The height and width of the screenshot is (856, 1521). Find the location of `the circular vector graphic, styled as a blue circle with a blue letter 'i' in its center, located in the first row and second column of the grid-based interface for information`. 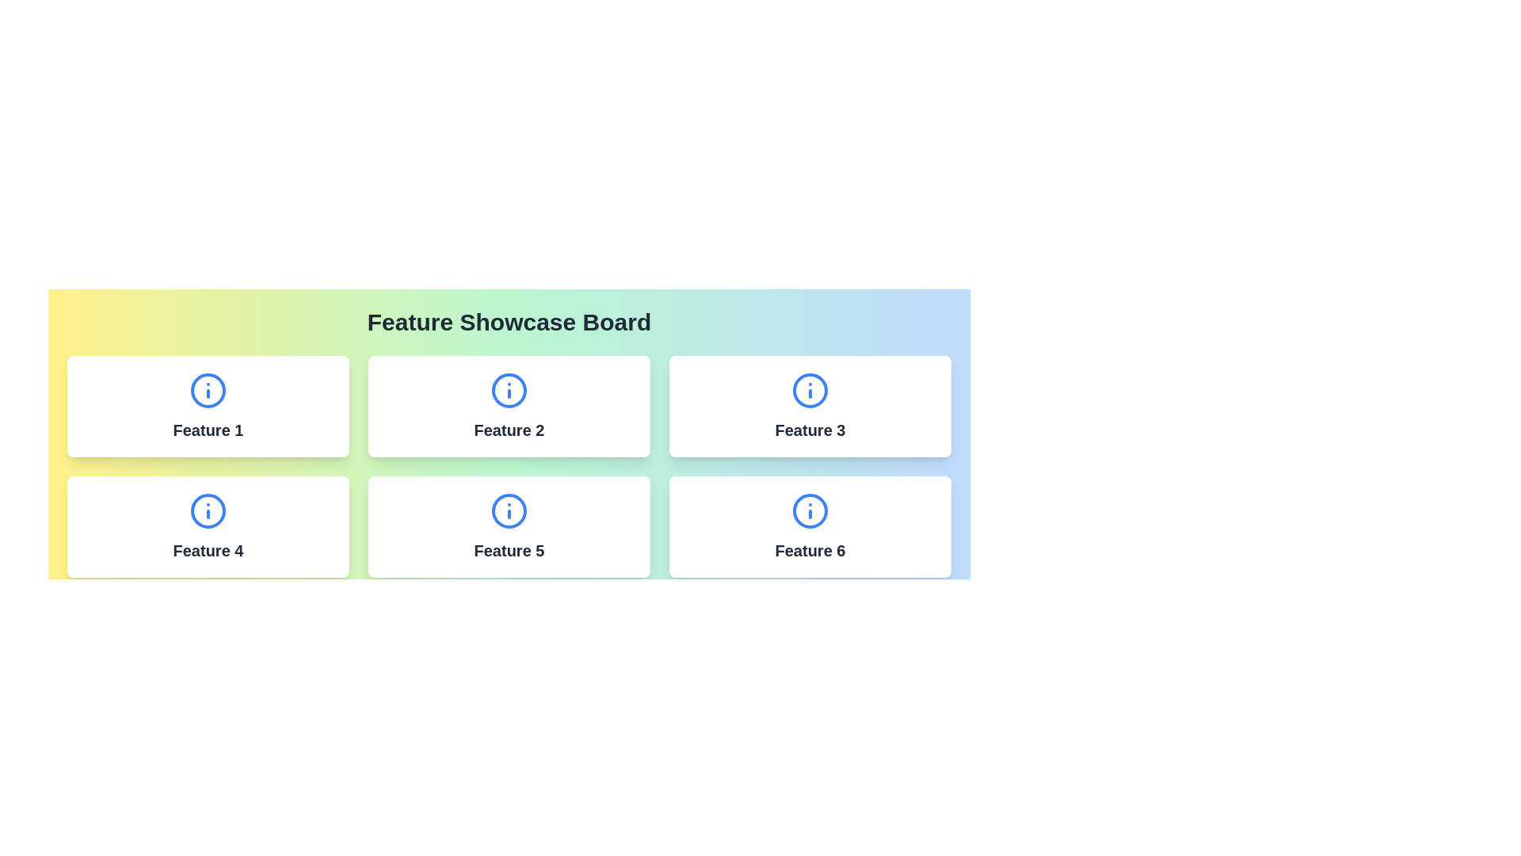

the circular vector graphic, styled as a blue circle with a blue letter 'i' in its center, located in the first row and second column of the grid-based interface for information is located at coordinates (509, 391).